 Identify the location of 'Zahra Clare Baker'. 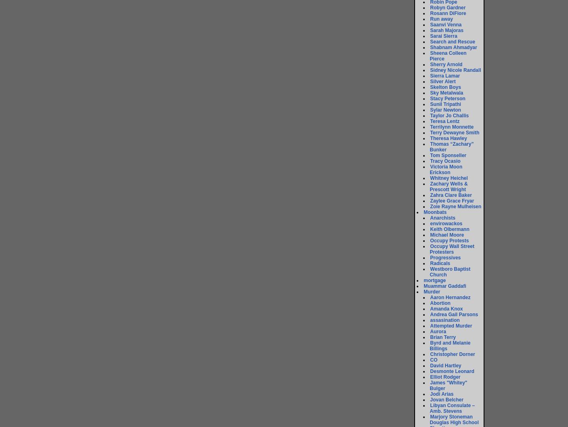
(451, 195).